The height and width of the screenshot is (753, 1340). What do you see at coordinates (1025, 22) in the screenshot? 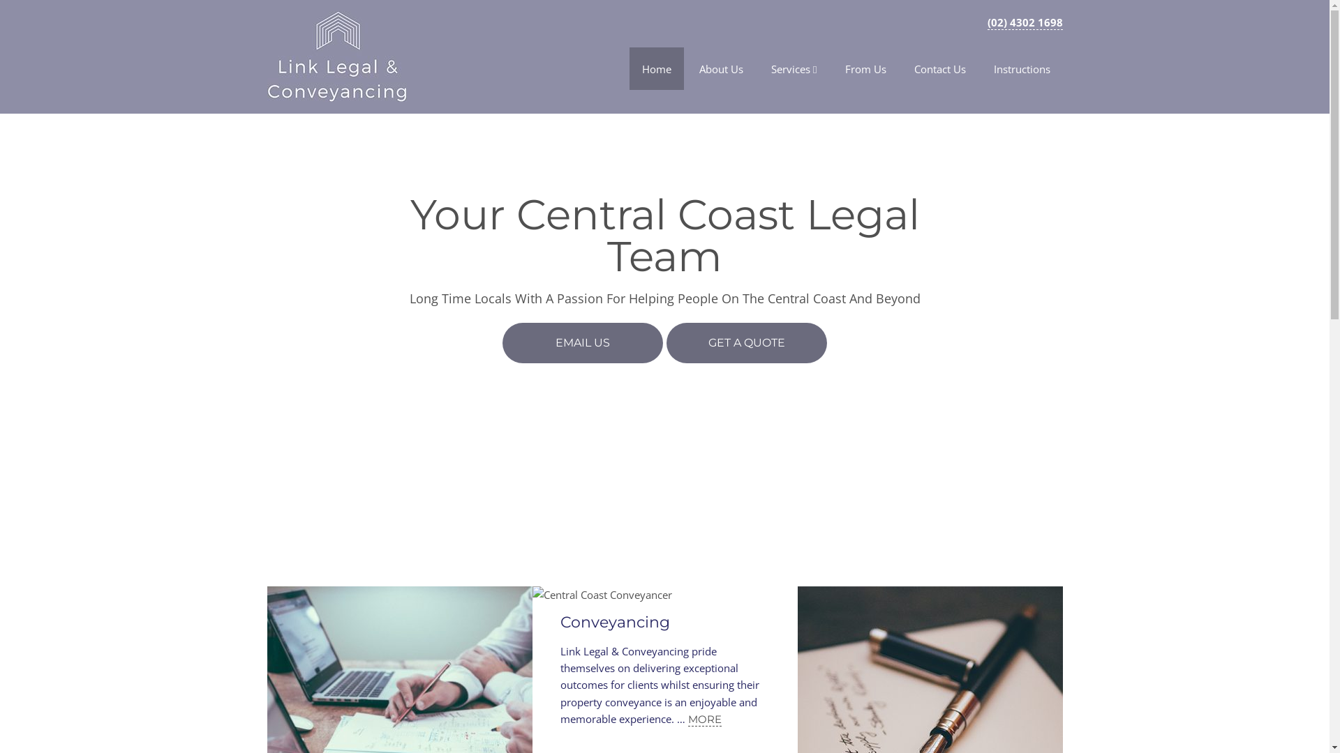
I see `'(02) 4302 1698'` at bounding box center [1025, 22].